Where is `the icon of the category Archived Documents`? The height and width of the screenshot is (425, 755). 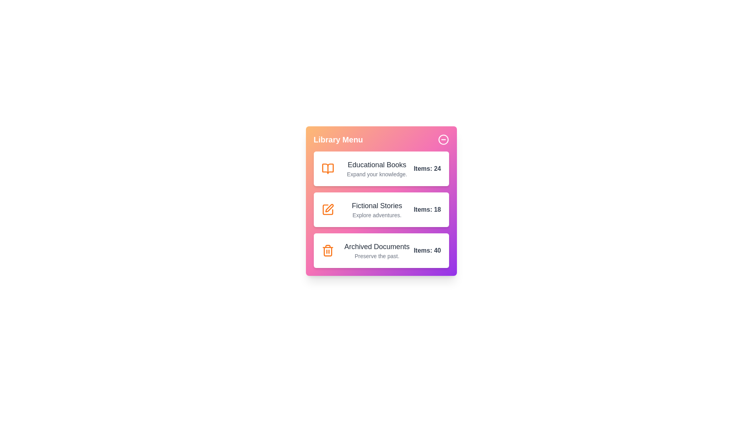
the icon of the category Archived Documents is located at coordinates (328, 250).